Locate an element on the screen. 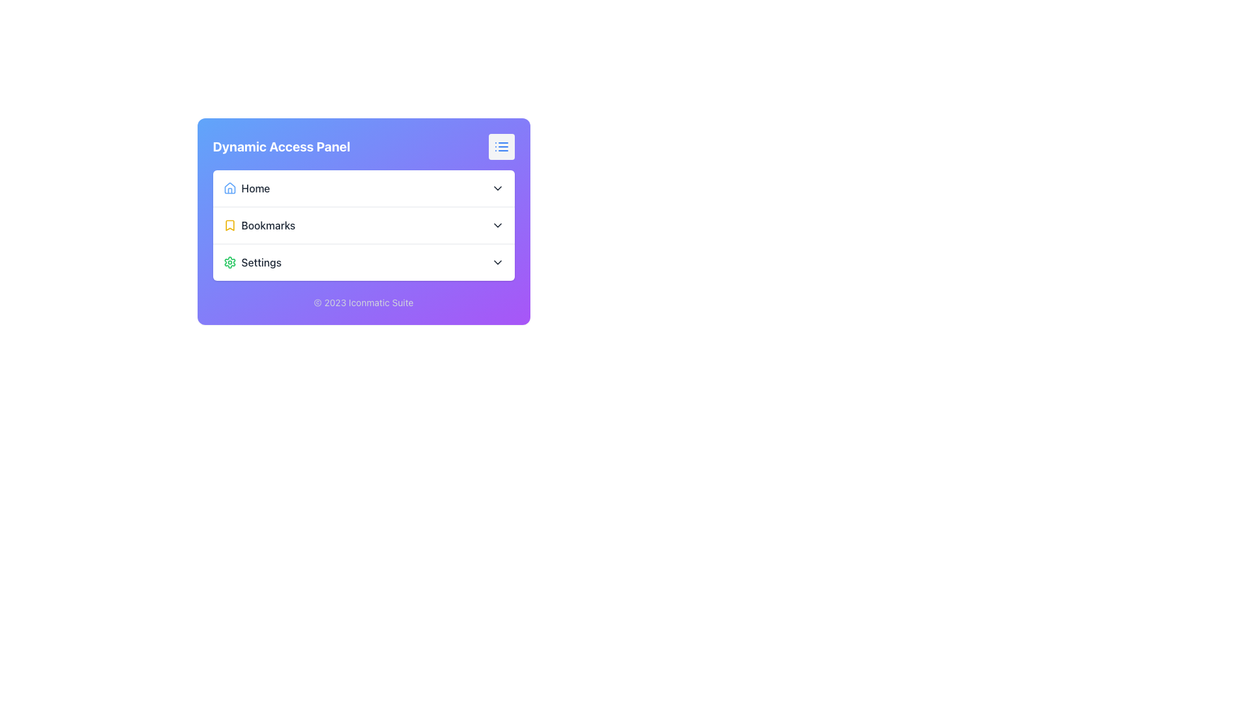  the navigation label at the top-left of the menu that links to the homepage or dashboard is located at coordinates (246, 188).